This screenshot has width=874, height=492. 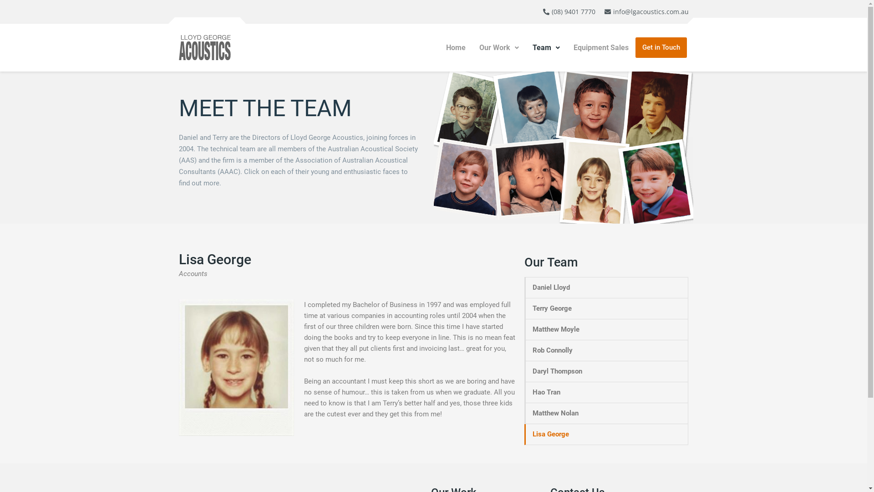 I want to click on 'info@lgacoustics.com.au', so click(x=645, y=12).